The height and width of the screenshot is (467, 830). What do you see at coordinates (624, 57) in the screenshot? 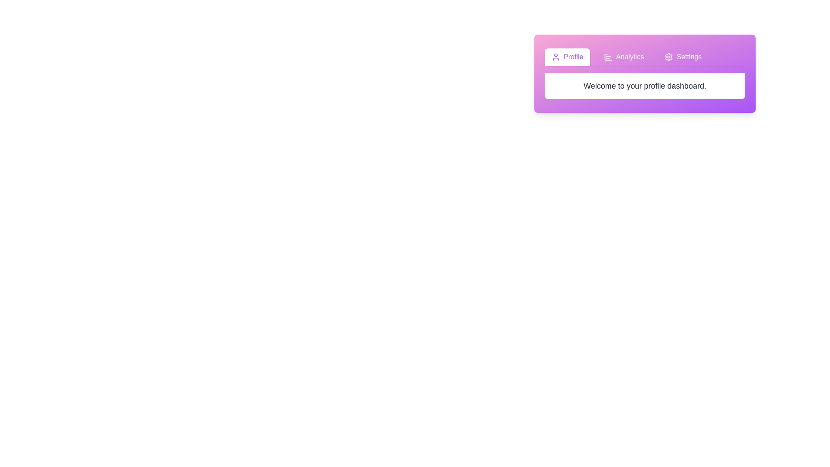
I see `the Analytics tab button` at bounding box center [624, 57].